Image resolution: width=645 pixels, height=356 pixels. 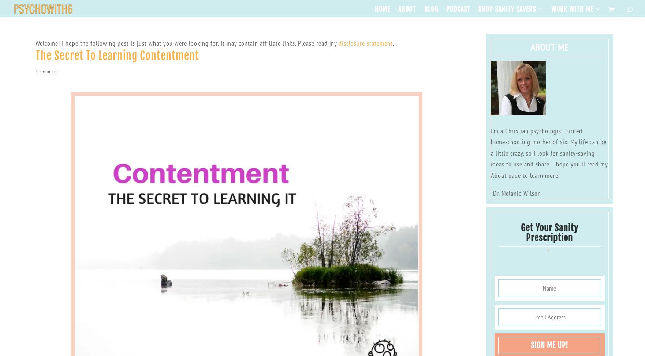 What do you see at coordinates (539, 175) in the screenshot?
I see `'to learn more.'` at bounding box center [539, 175].